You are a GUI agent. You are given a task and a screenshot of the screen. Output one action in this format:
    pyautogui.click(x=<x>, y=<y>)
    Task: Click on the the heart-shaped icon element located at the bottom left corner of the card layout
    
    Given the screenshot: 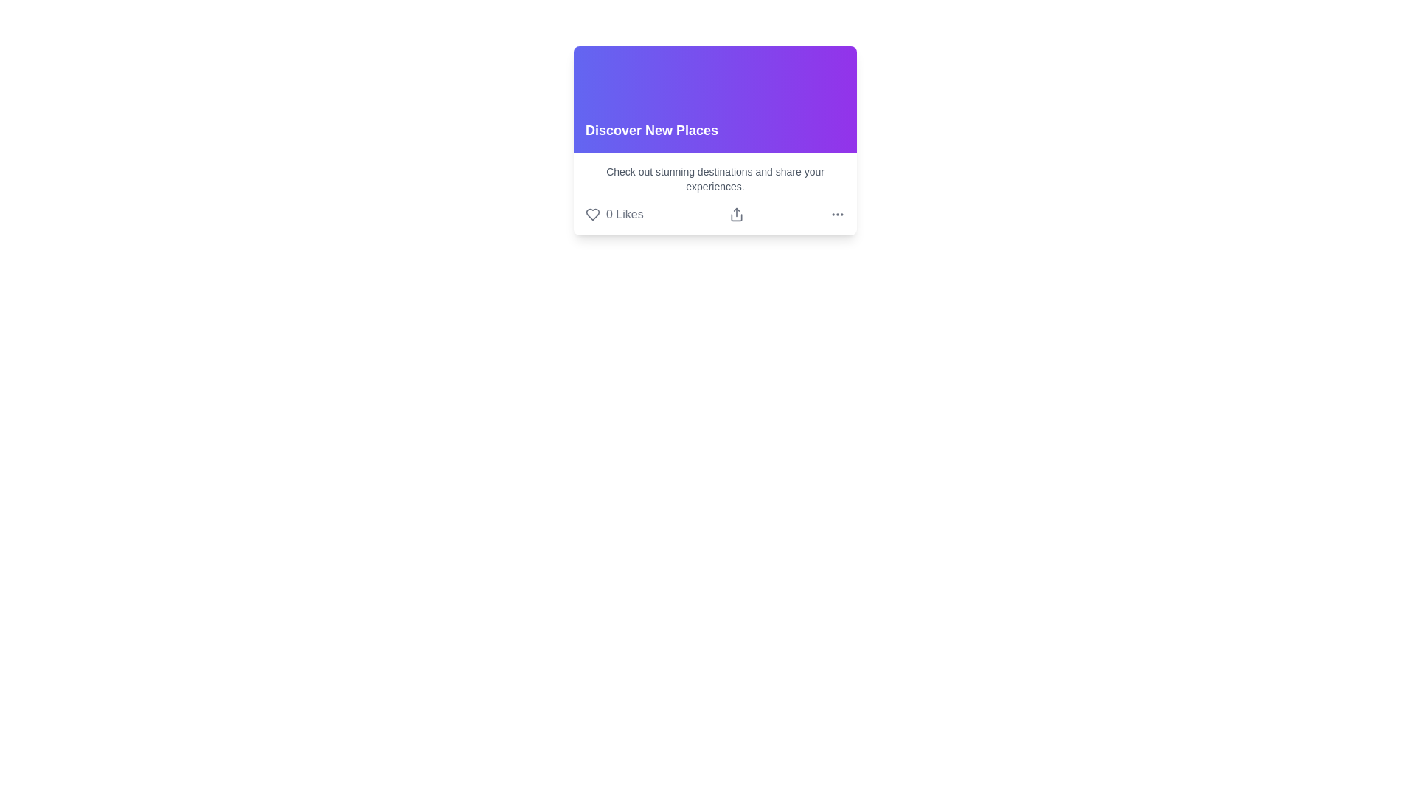 What is the action you would take?
    pyautogui.click(x=593, y=214)
    